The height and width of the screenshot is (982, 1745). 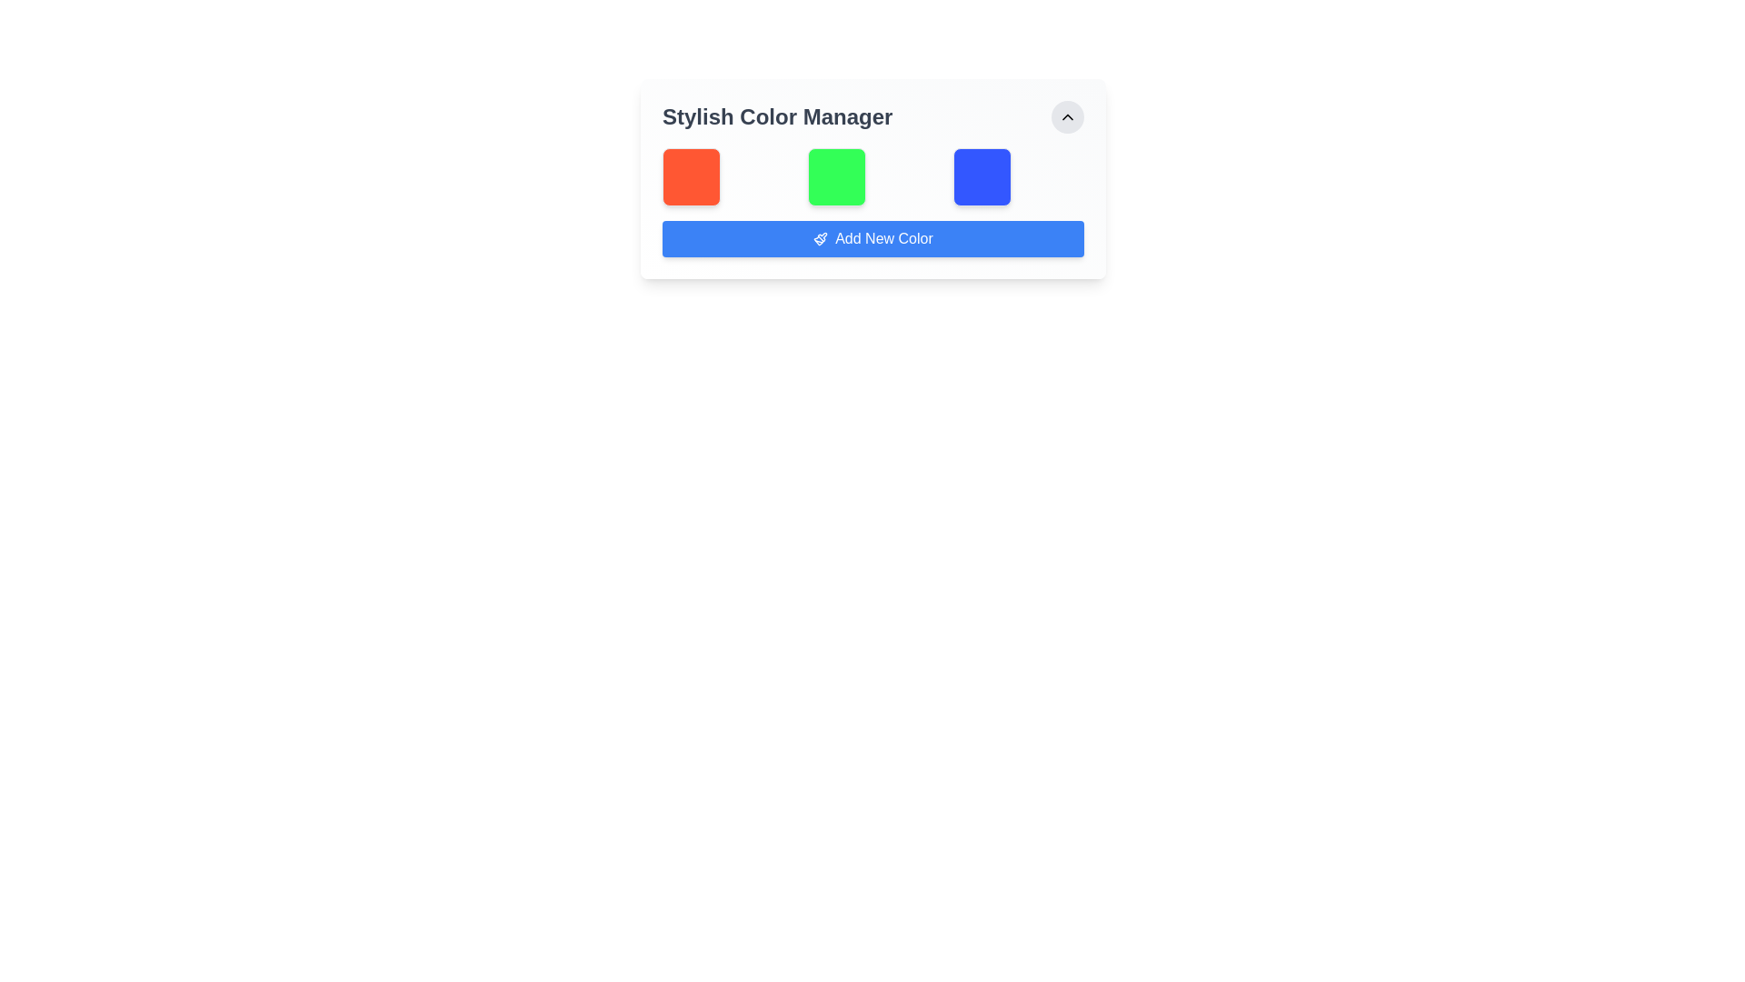 What do you see at coordinates (820, 237) in the screenshot?
I see `the icon located inside the blue button labeled 'Add New Color' to the left of the text` at bounding box center [820, 237].